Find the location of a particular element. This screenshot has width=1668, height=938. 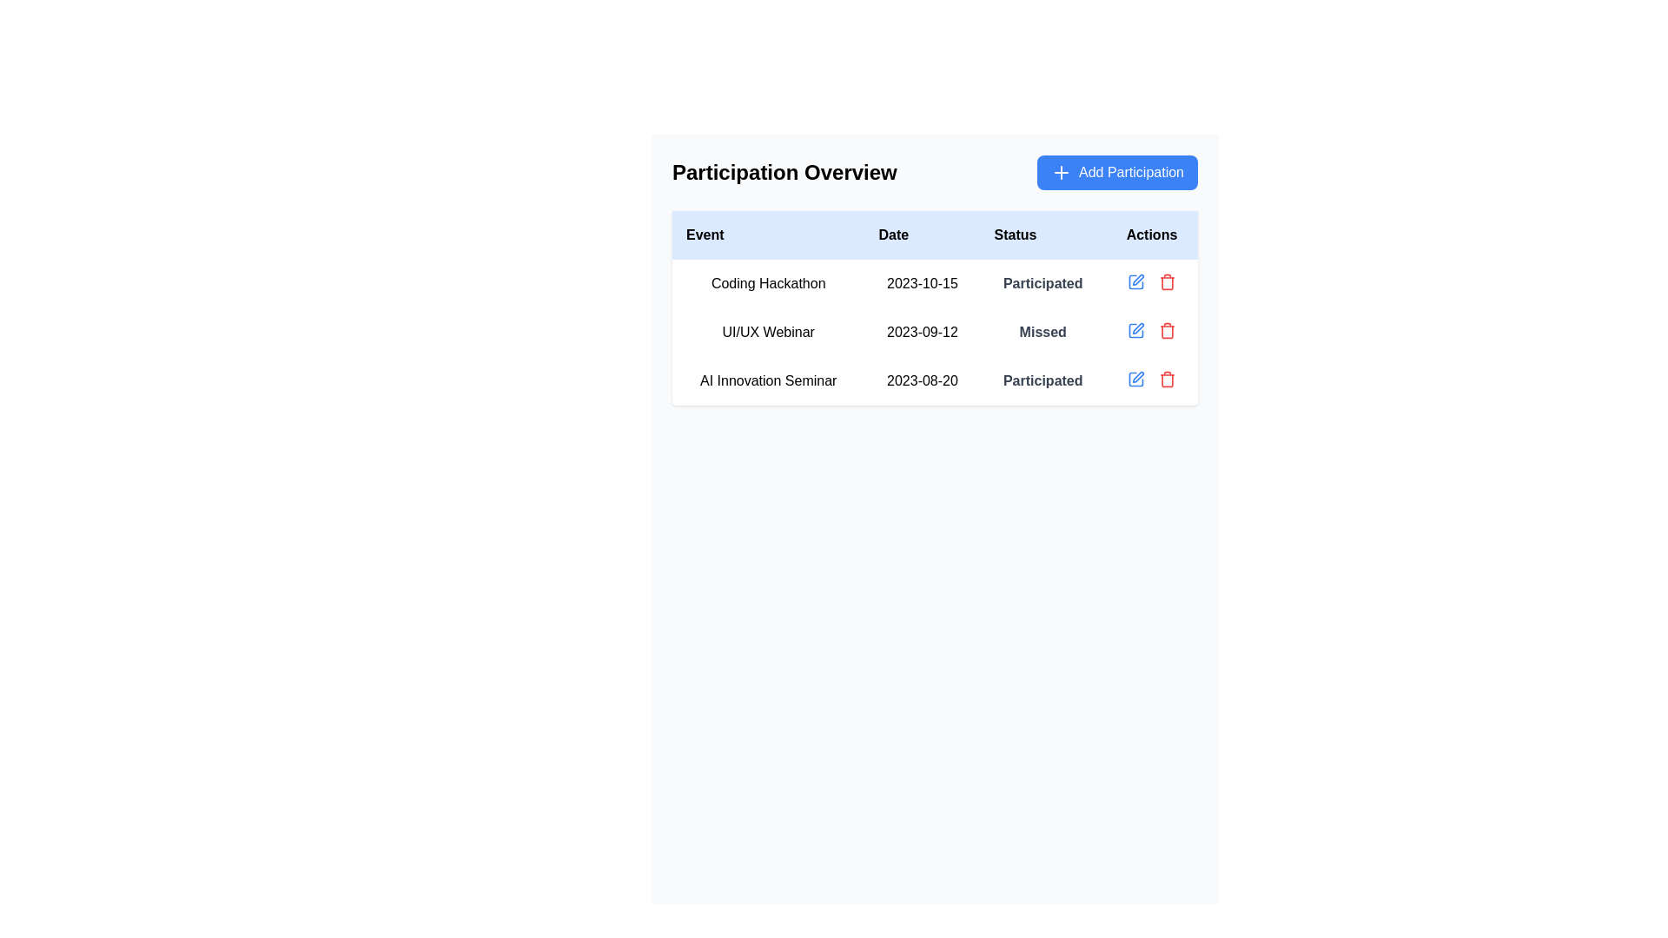

the 'Missed' status text label in the third column of the 'Participation Overview' table for the 'UI/UX Webinar' event is located at coordinates (1042, 332).